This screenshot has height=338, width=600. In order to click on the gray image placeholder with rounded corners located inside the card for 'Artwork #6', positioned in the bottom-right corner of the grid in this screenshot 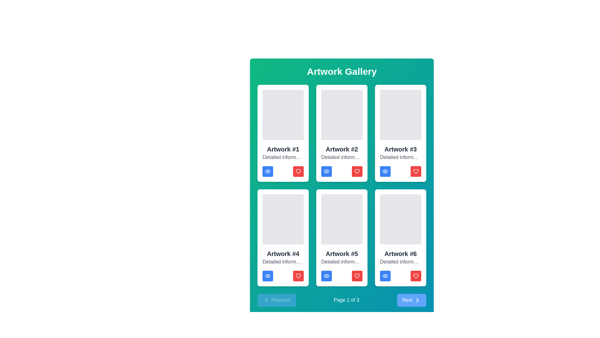, I will do `click(400, 219)`.